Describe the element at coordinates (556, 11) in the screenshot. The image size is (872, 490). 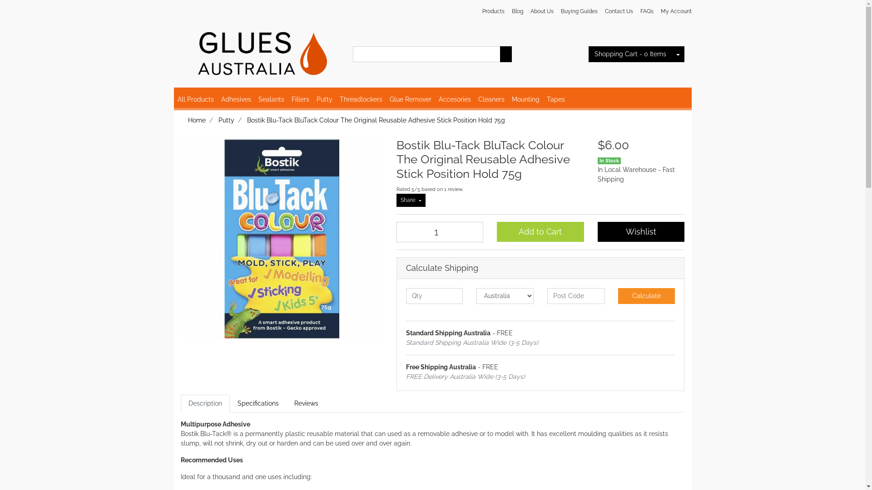
I see `'Buying Guides'` at that location.